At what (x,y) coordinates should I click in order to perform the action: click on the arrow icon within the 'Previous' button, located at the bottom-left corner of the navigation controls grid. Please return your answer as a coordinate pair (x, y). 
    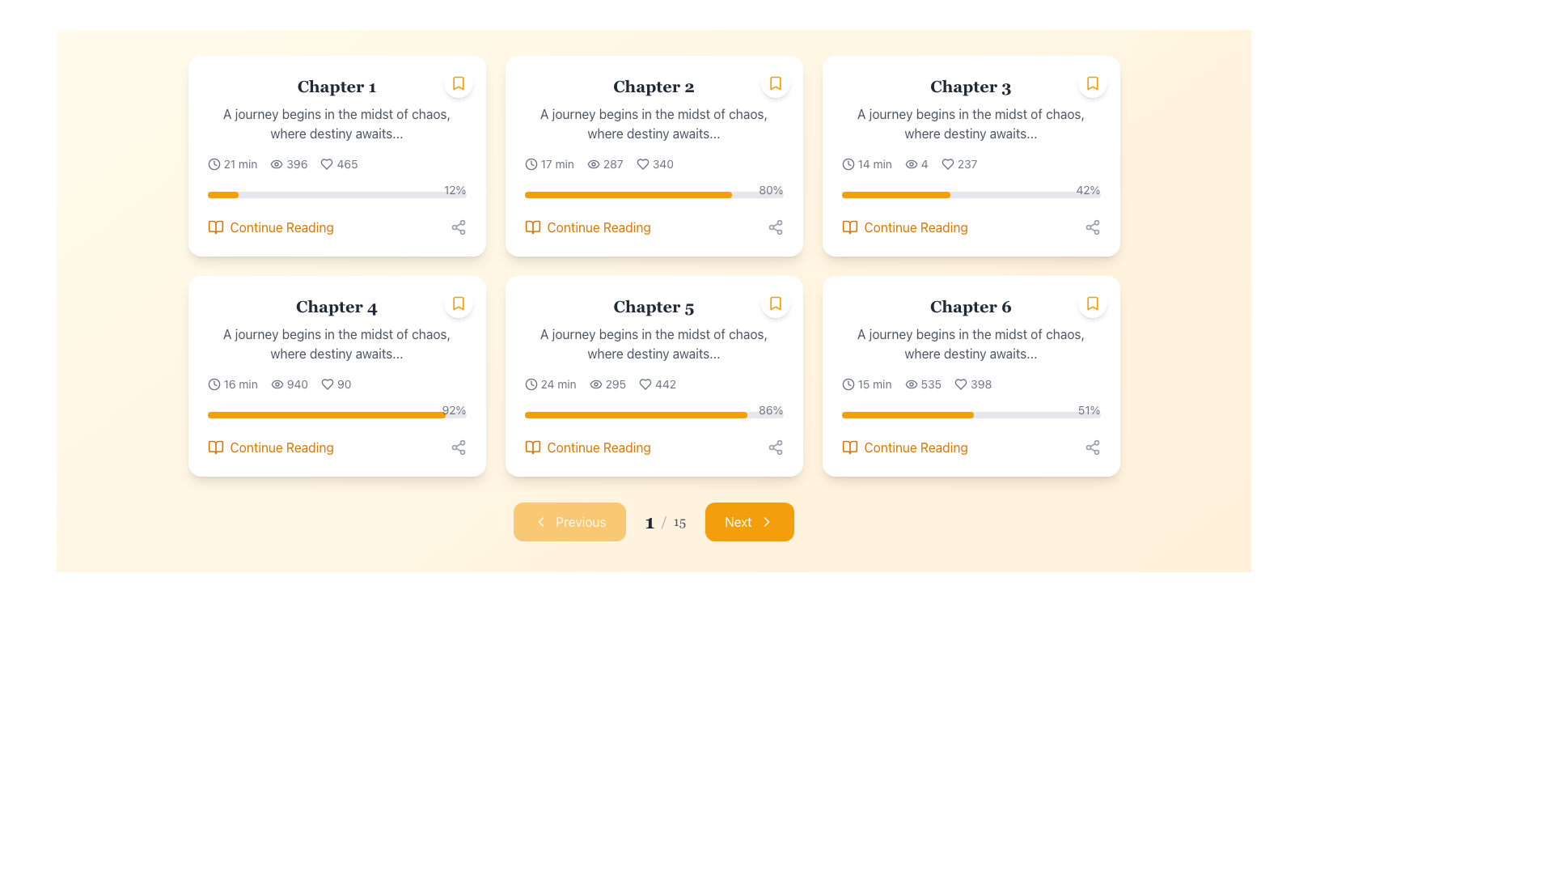
    Looking at the image, I should click on (541, 521).